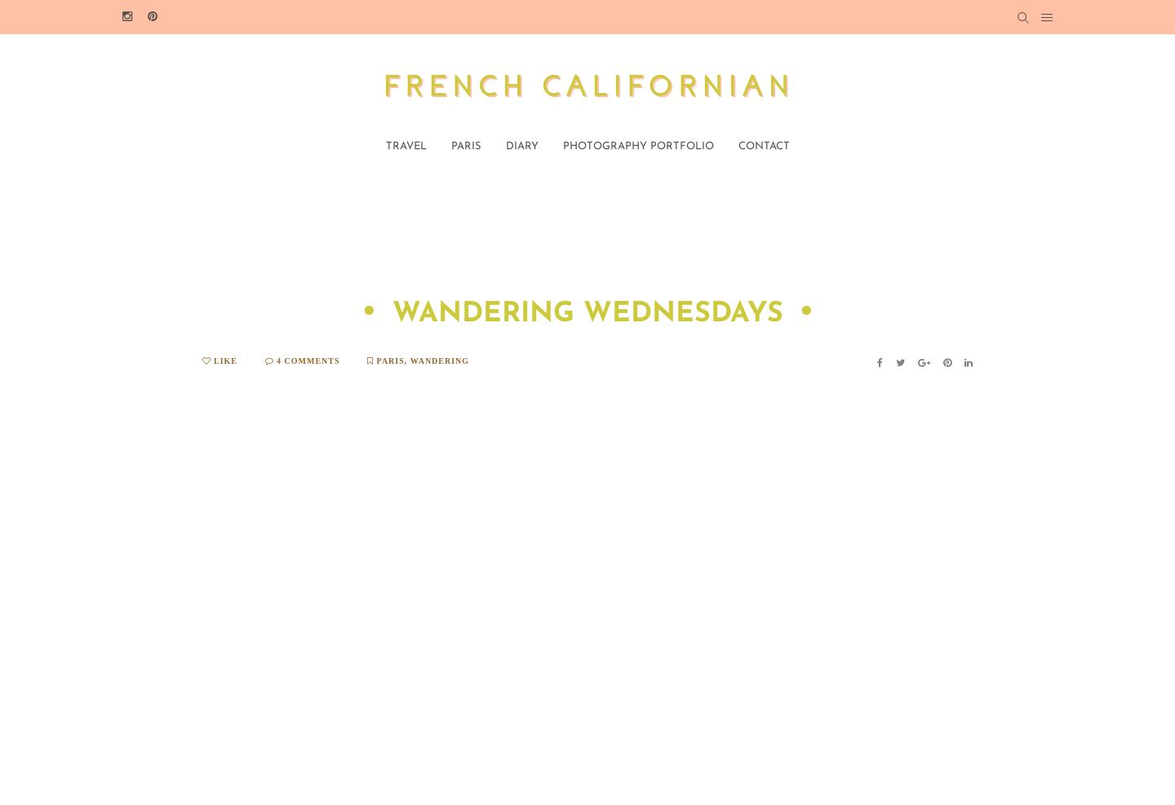  Describe the element at coordinates (979, 692) in the screenshot. I see `'Recent Posts'` at that location.